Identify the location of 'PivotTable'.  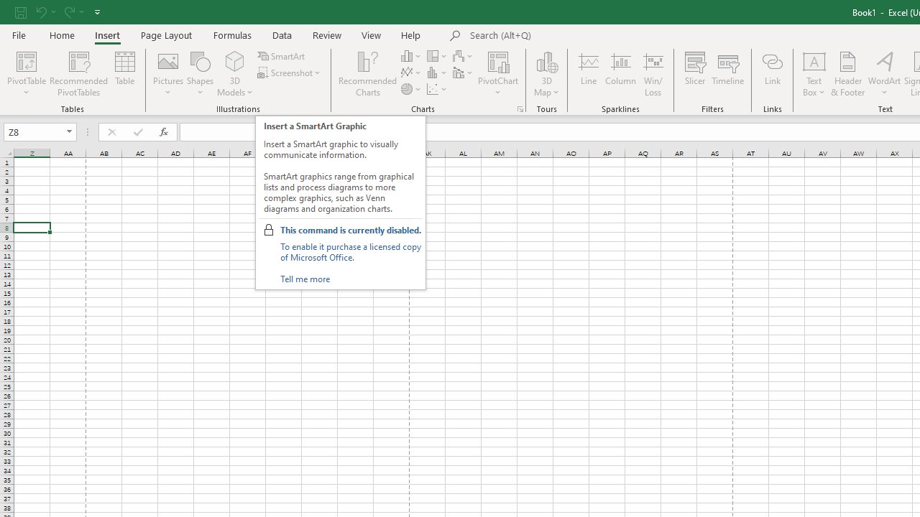
(27, 60).